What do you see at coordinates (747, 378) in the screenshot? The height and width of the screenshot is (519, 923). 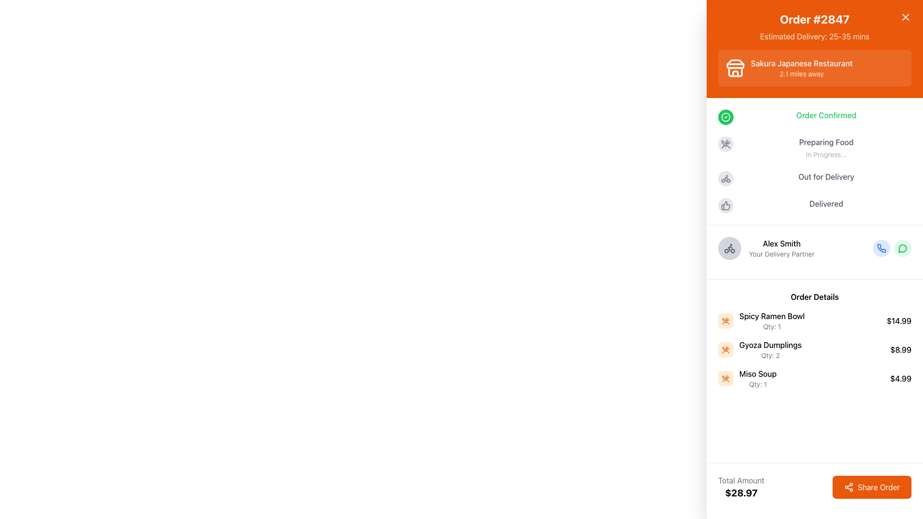 I see `text content of the 'Miso Soup' text label with icon located in the 'Order Details' section` at bounding box center [747, 378].